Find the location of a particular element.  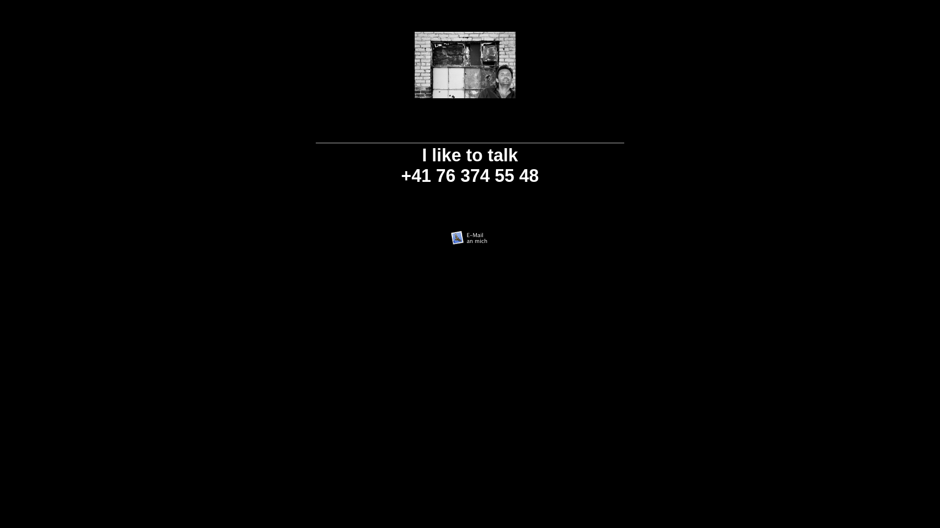

'Leer' is located at coordinates (473, 73).